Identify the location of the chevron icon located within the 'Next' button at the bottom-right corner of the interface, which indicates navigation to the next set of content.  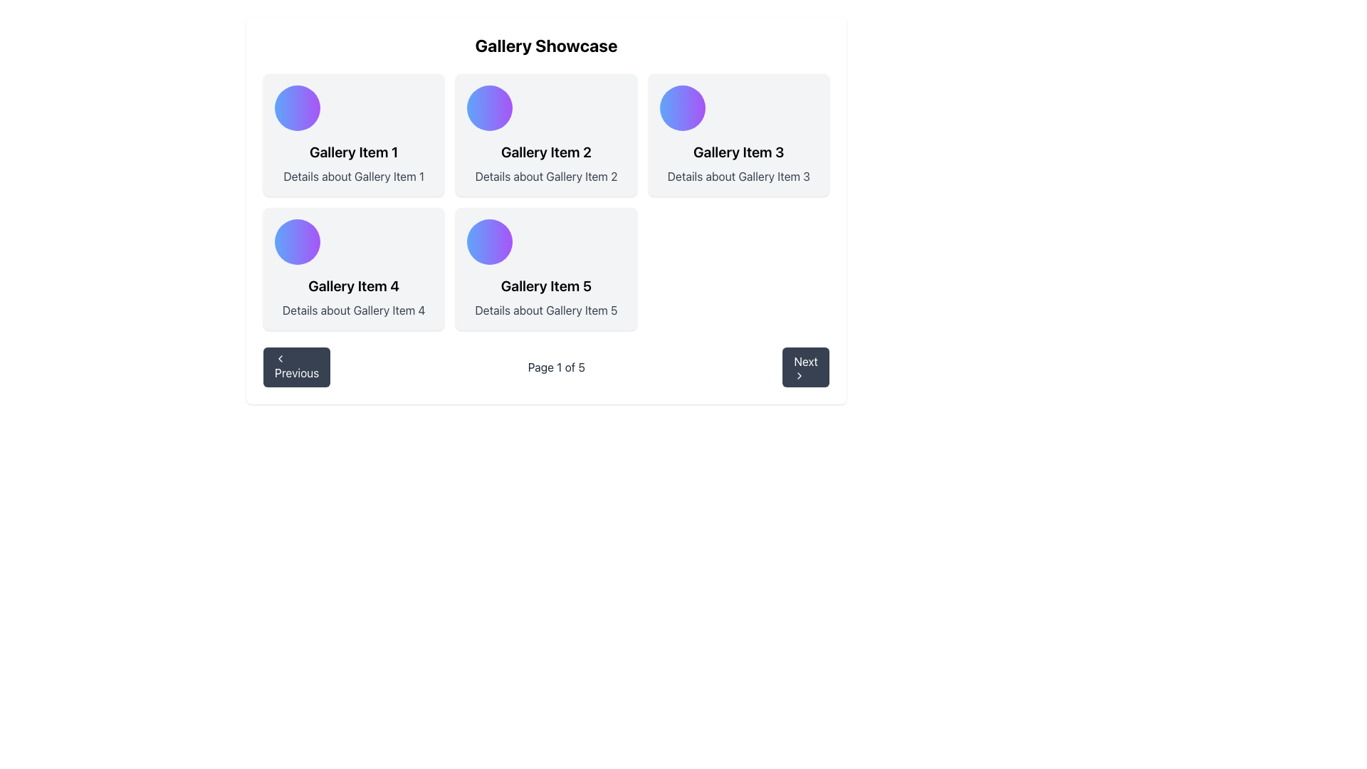
(800, 375).